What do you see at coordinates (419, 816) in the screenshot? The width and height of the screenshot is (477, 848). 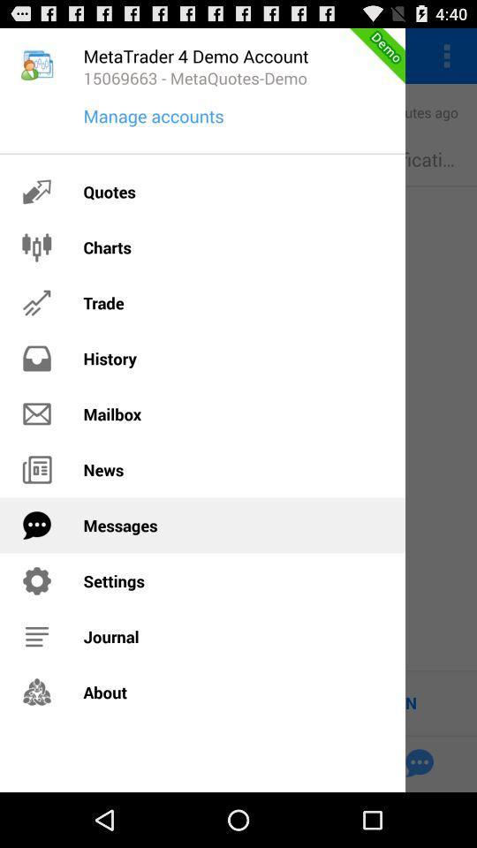 I see `the chat icon` at bounding box center [419, 816].